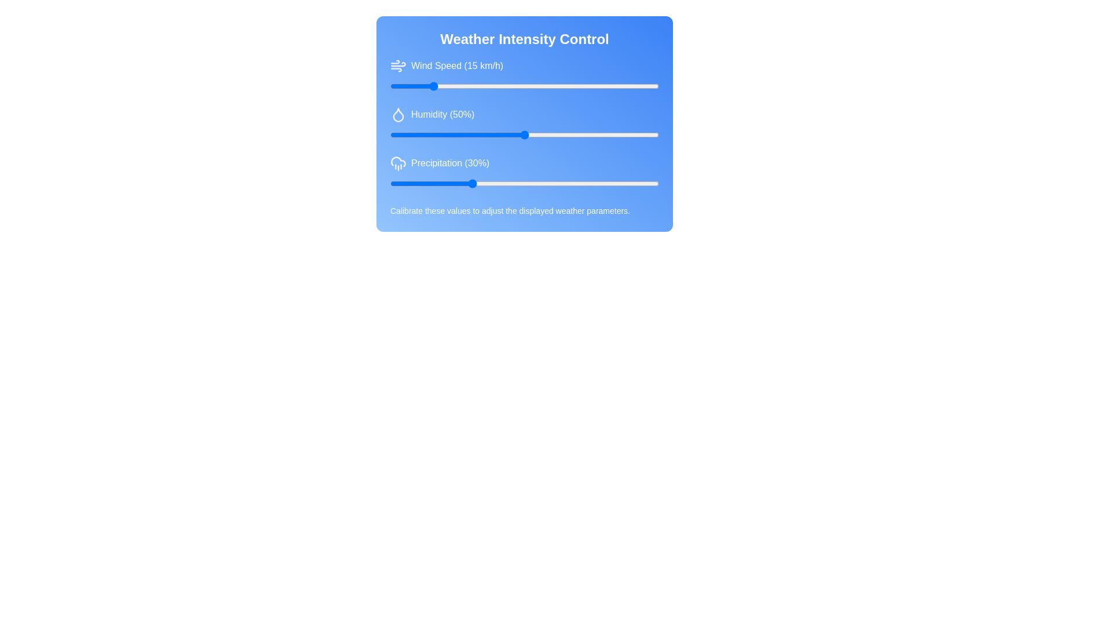 This screenshot has height=626, width=1112. What do you see at coordinates (398, 114) in the screenshot?
I see `the humidity icon, which is a light gray water droplet outline located to the left of the text 'Humidity (50%)' in the weather control interface` at bounding box center [398, 114].